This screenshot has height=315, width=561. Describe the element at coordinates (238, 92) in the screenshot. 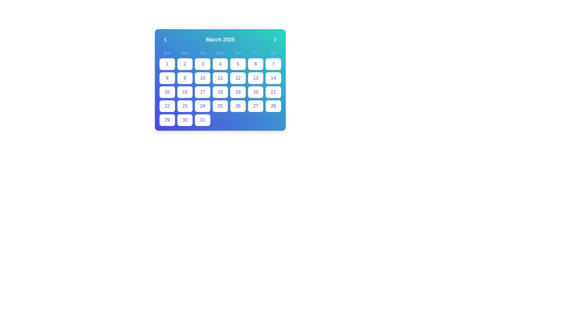

I see `the calendar cell displaying the numerical value '19' in the fifth column of the fourth row under the 'Thu' header` at that location.